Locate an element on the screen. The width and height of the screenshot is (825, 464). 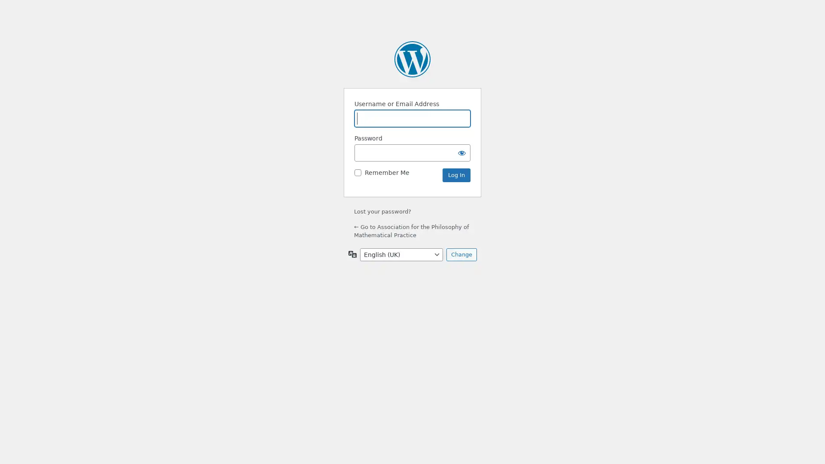
Change is located at coordinates (461, 253).